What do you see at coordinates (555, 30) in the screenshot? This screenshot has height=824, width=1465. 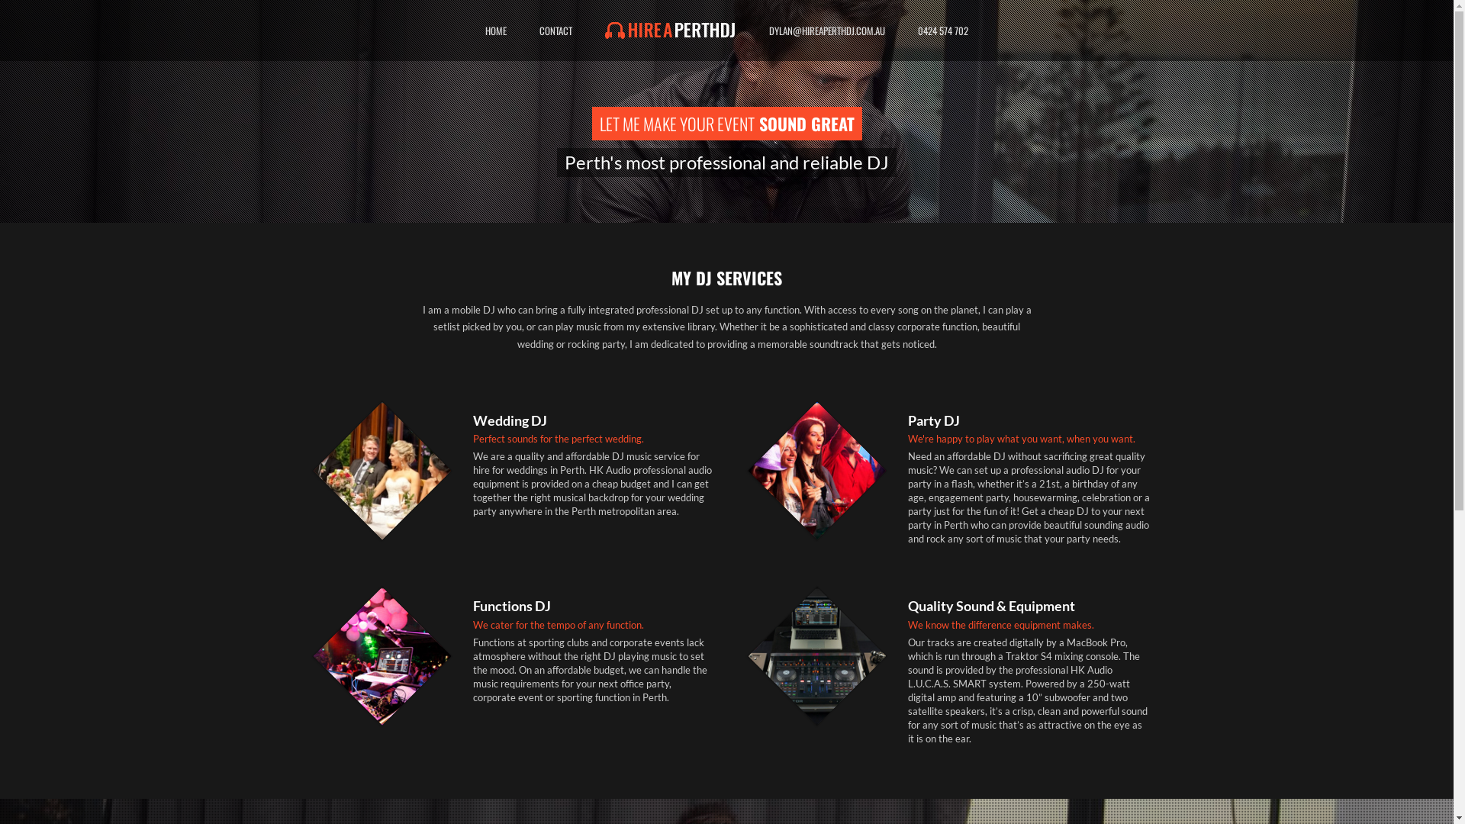 I see `'CONTACT'` at bounding box center [555, 30].